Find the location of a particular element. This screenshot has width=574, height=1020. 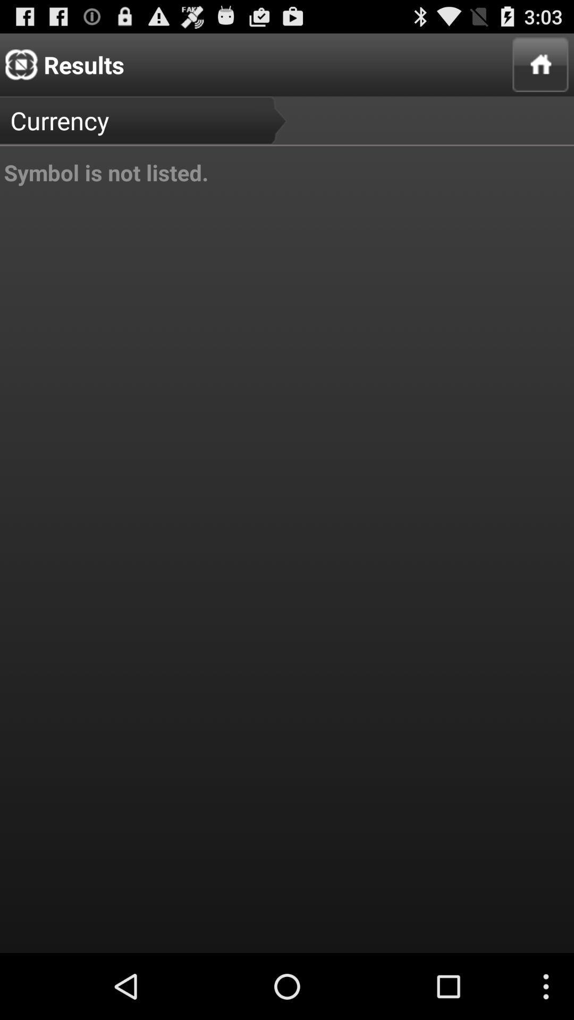

home button is located at coordinates (541, 64).